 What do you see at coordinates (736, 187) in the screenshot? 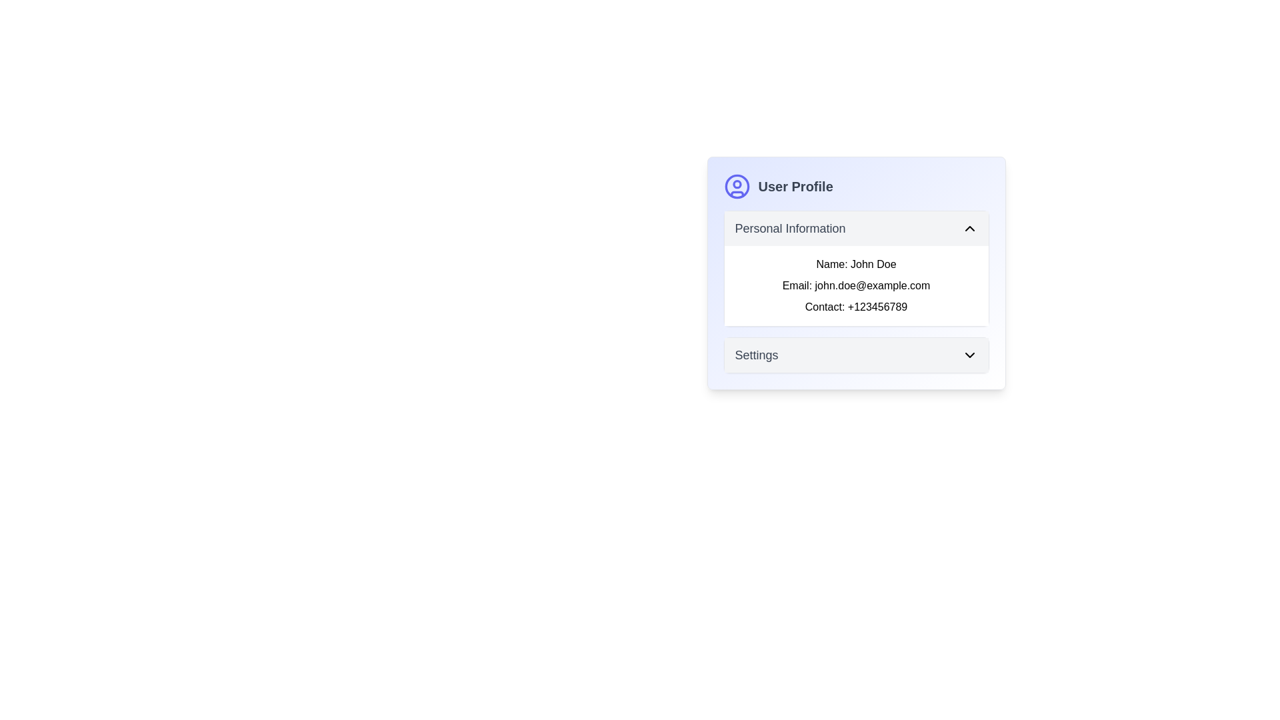
I see `the circular user profile icon with a blue or indigo hue, located at the top-left corner of the user profile card, next to the text 'User Profile'` at bounding box center [736, 187].